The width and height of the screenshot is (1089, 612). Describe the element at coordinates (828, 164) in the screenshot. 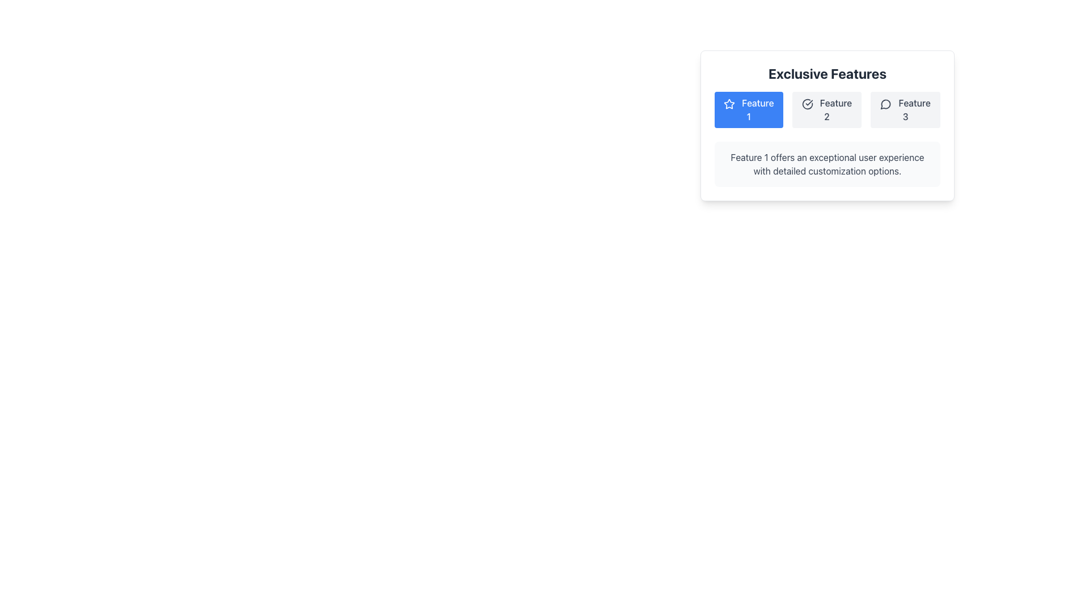

I see `the text block displaying the message: 'Feature 1 offers an exceptional user experience with detailed customization options.'` at that location.